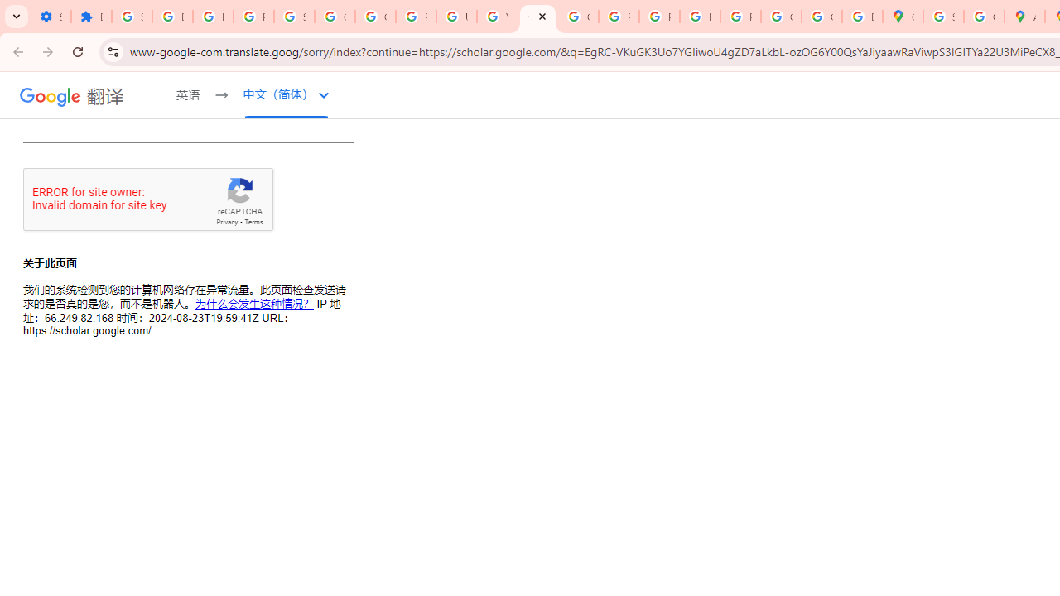 This screenshot has width=1060, height=596. Describe the element at coordinates (226, 220) in the screenshot. I see `'Privacy'` at that location.